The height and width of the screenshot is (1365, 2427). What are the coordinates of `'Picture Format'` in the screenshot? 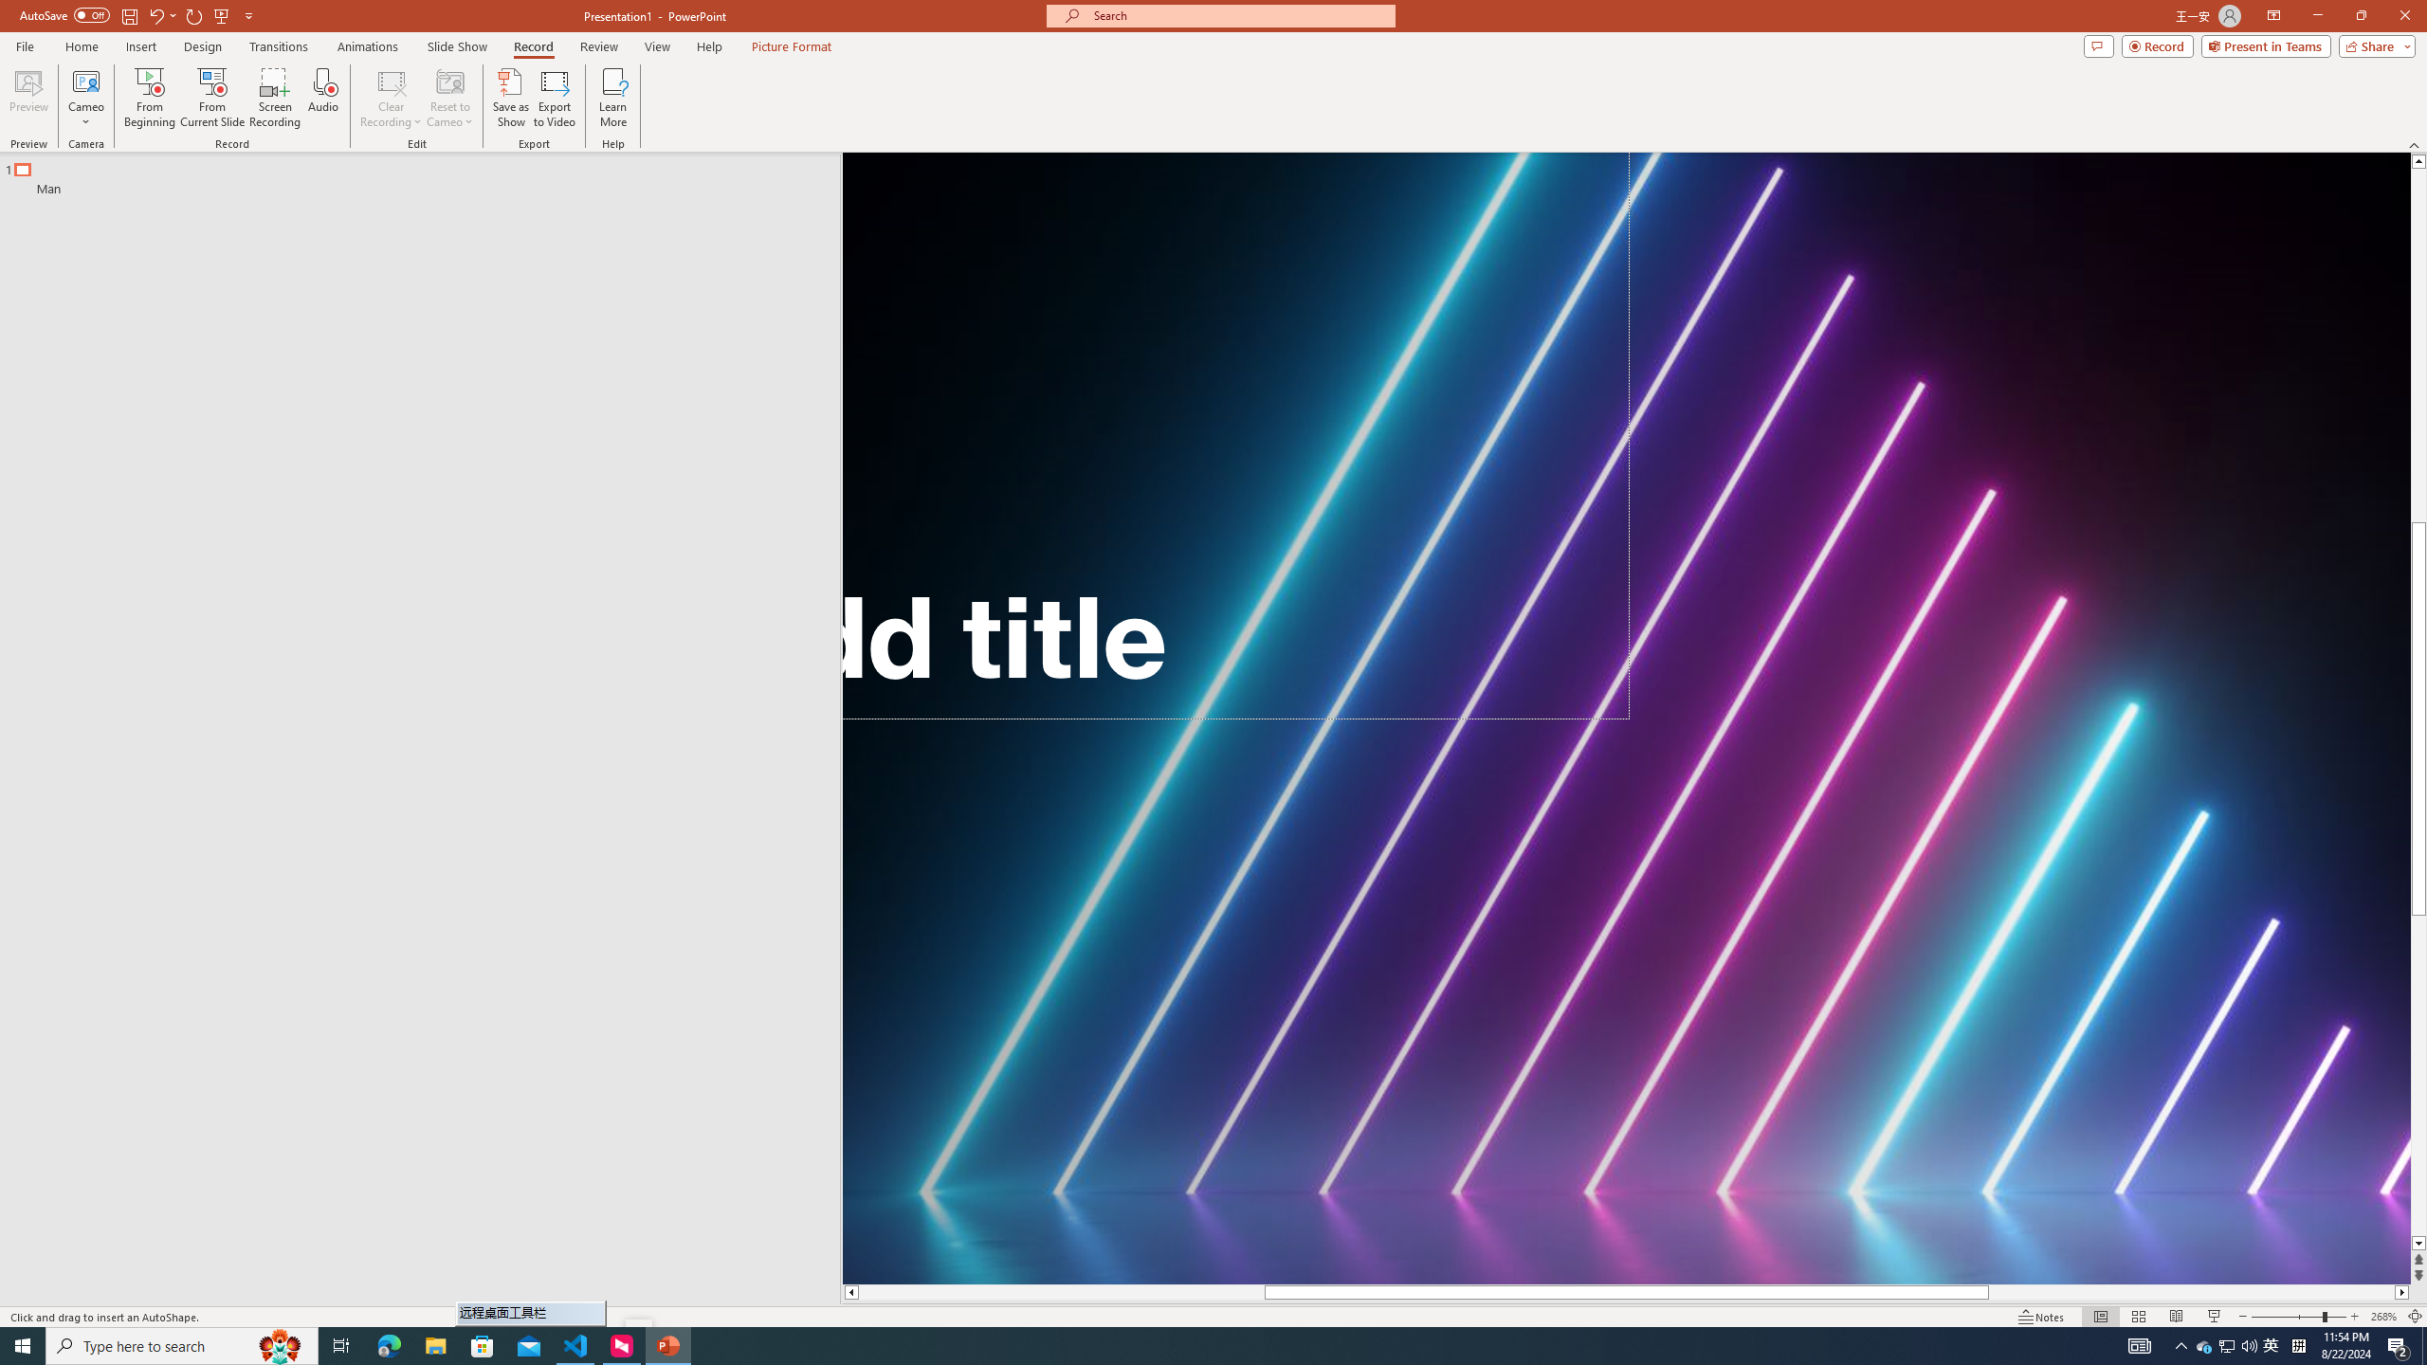 It's located at (792, 46).